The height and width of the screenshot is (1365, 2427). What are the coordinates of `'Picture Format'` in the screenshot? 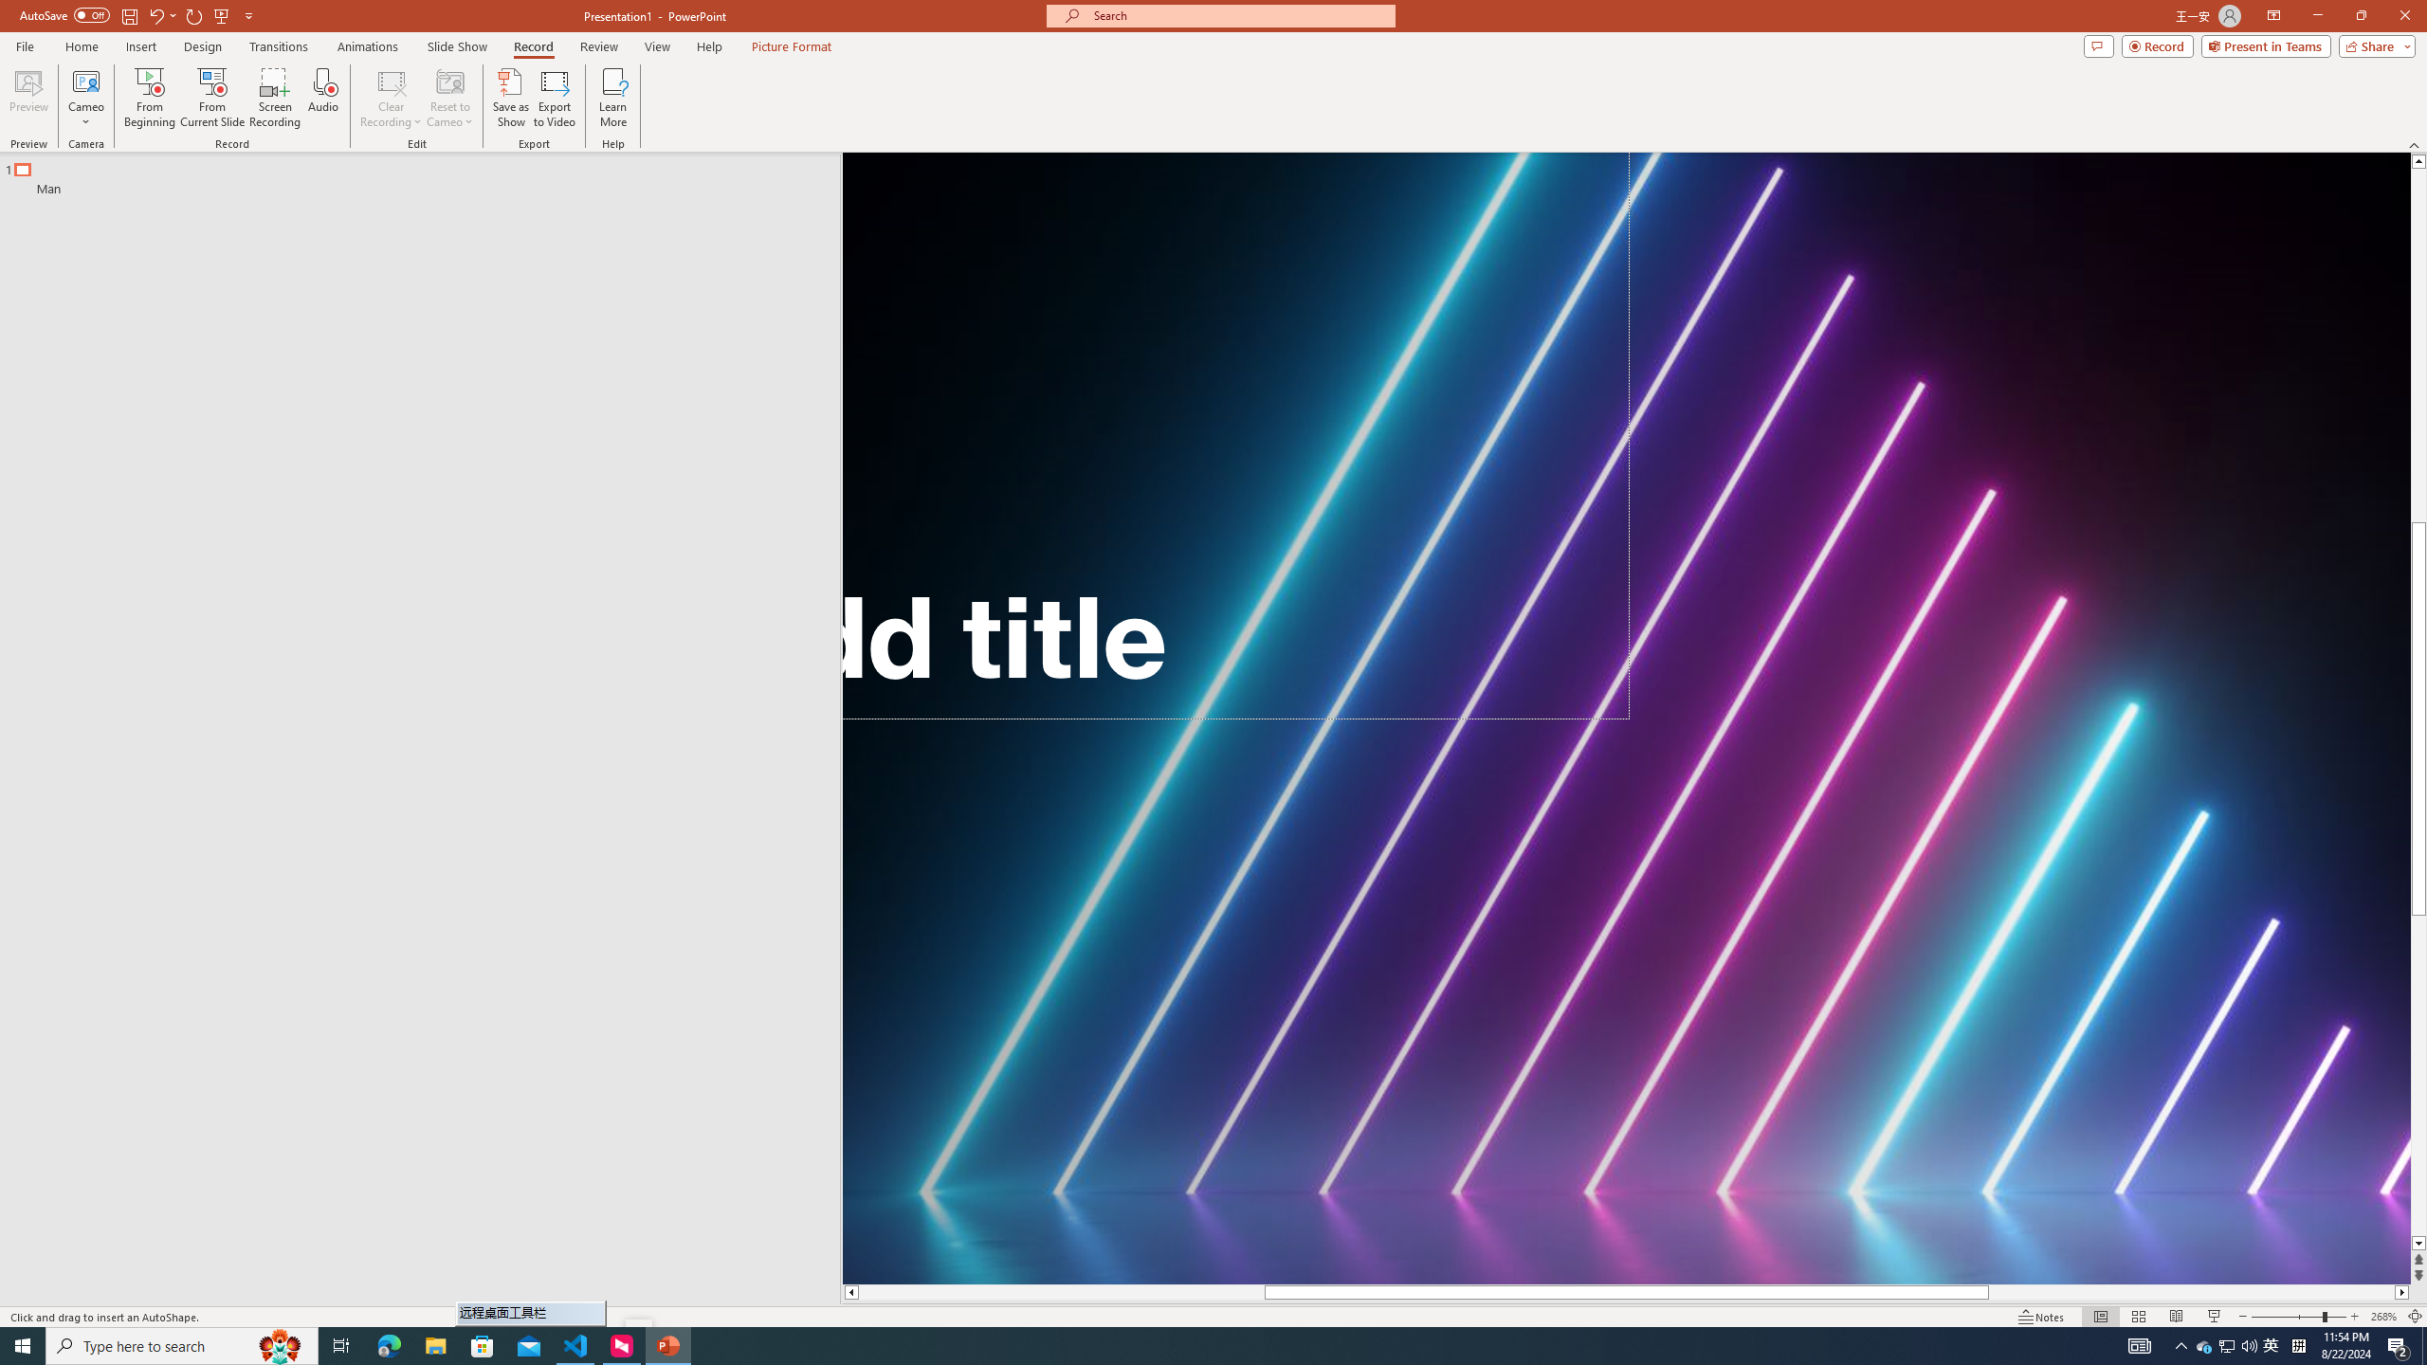 It's located at (792, 46).